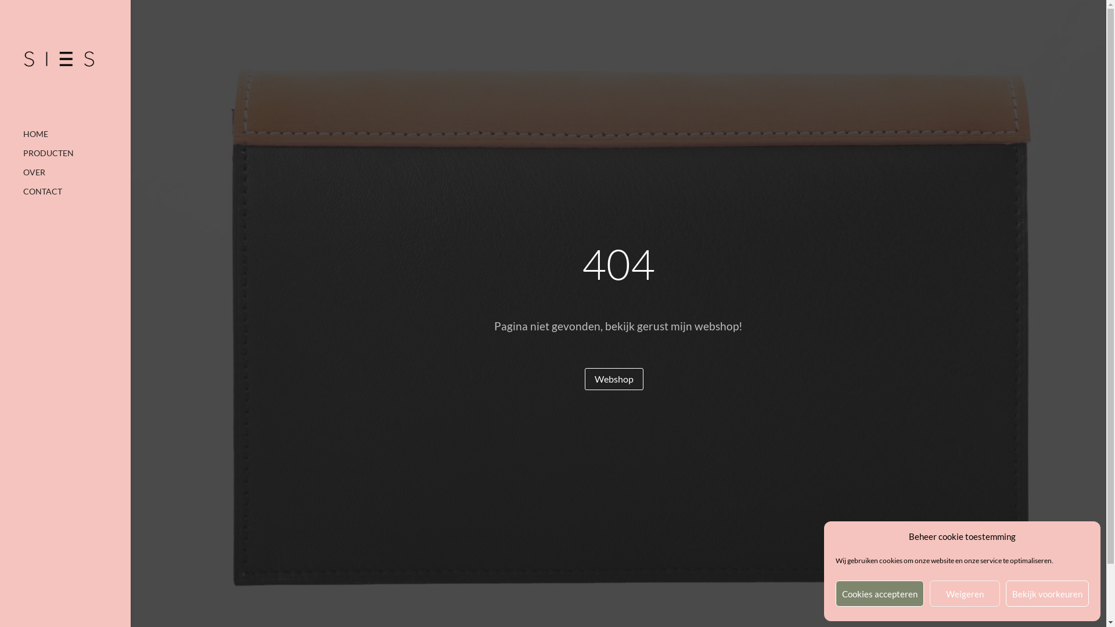  I want to click on 'OVER', so click(76, 178).